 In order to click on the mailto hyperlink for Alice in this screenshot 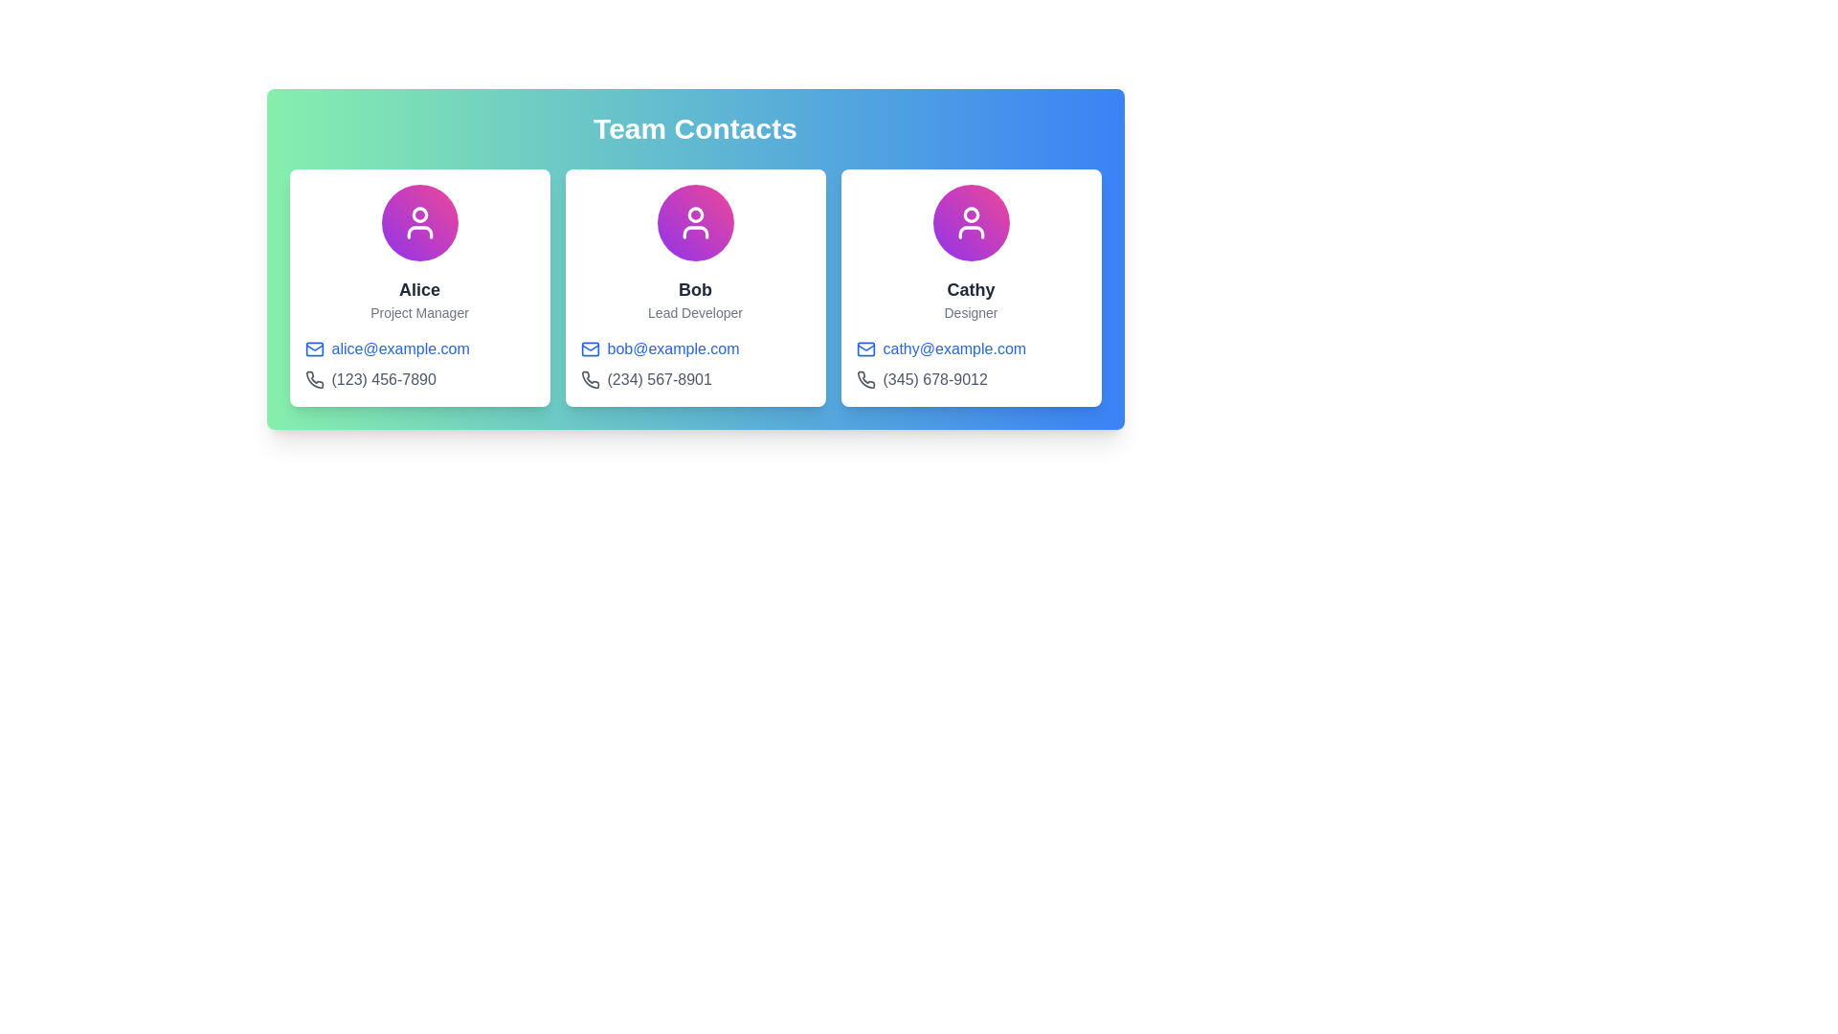, I will do `click(418, 349)`.